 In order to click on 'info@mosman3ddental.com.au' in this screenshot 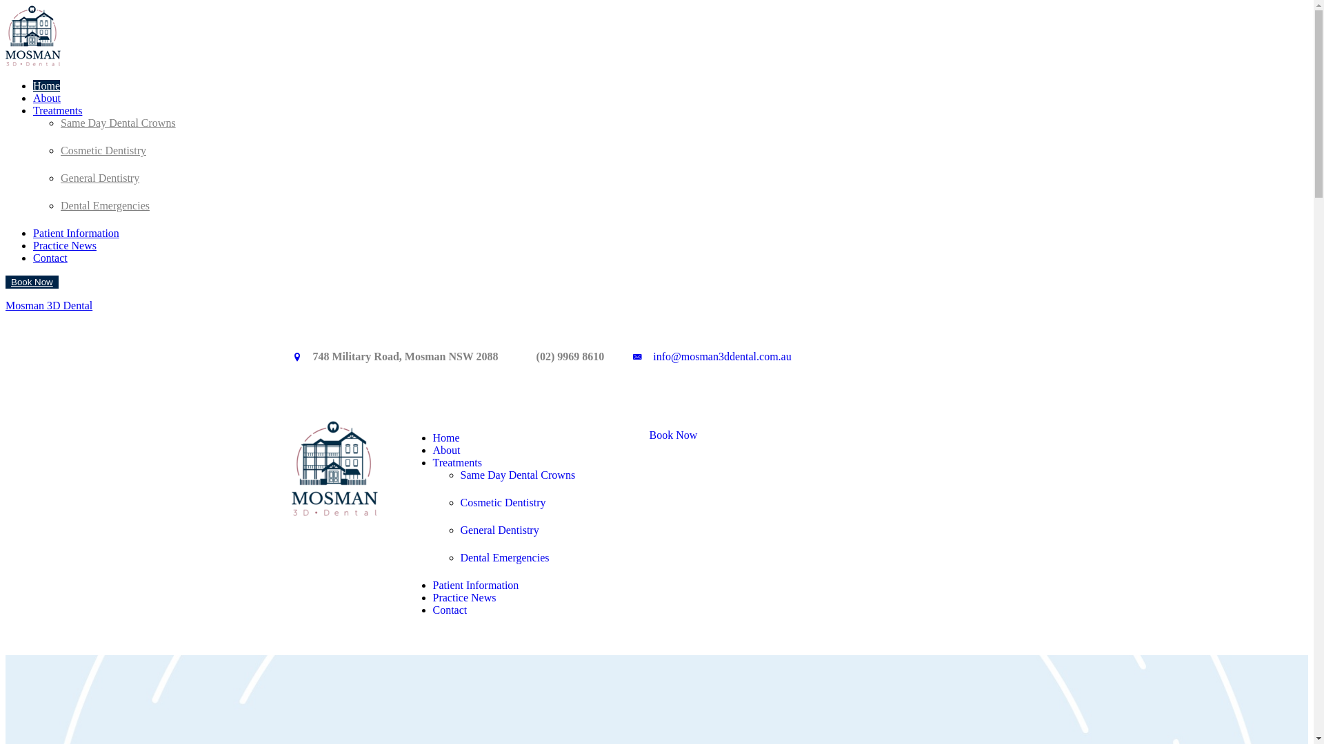, I will do `click(721, 355)`.